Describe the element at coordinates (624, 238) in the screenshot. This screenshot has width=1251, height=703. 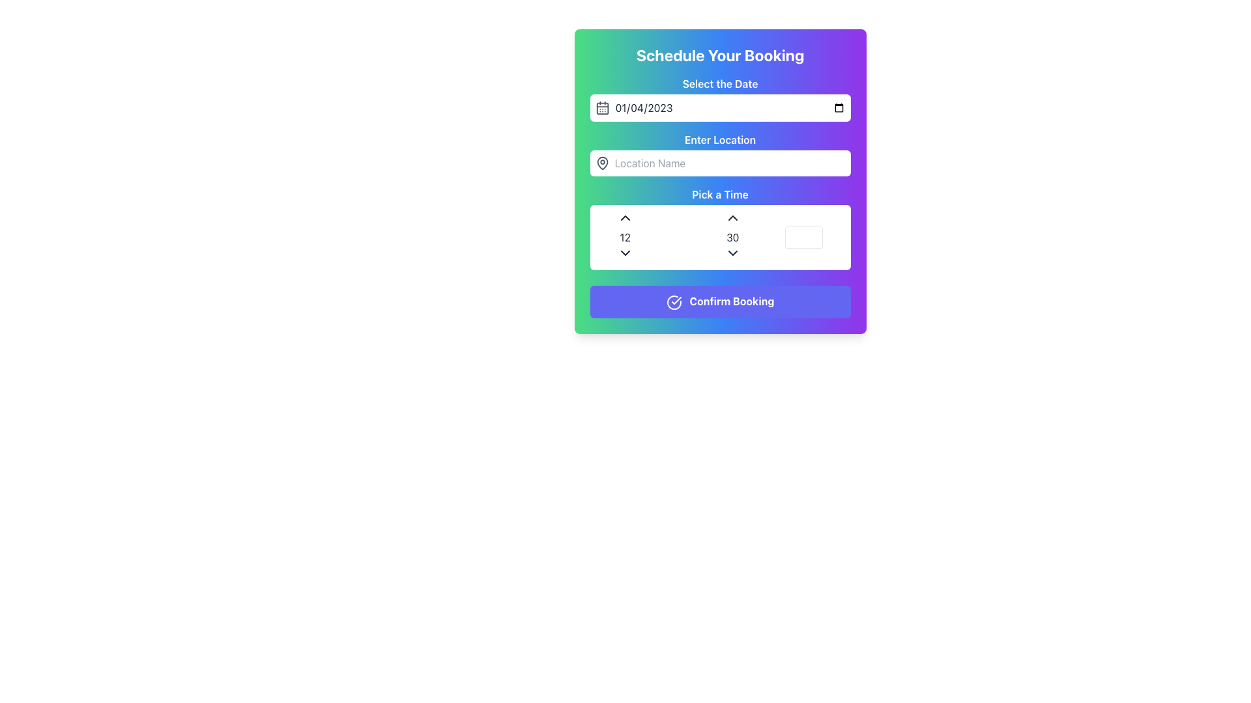
I see `displayed time value from the numeral '12' text label within the time picker component, which is centrally located between the up and down arrow buttons` at that location.